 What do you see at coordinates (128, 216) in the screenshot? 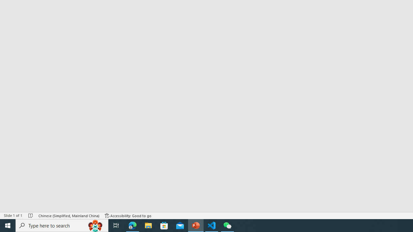
I see `'Accessibility Checker Accessibility: Good to go'` at bounding box center [128, 216].